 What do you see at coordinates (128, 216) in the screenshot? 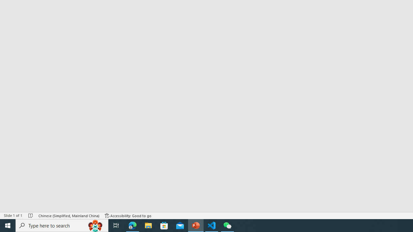
I see `'Accessibility Checker Accessibility: Good to go'` at bounding box center [128, 216].